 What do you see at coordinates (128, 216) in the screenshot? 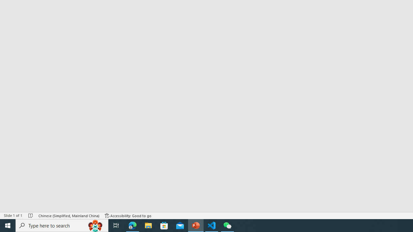
I see `'Accessibility Checker Accessibility: Good to go'` at bounding box center [128, 216].